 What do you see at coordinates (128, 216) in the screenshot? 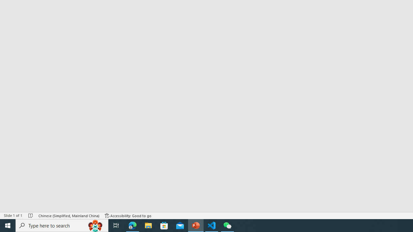
I see `'Accessibility Checker Accessibility: Good to go'` at bounding box center [128, 216].